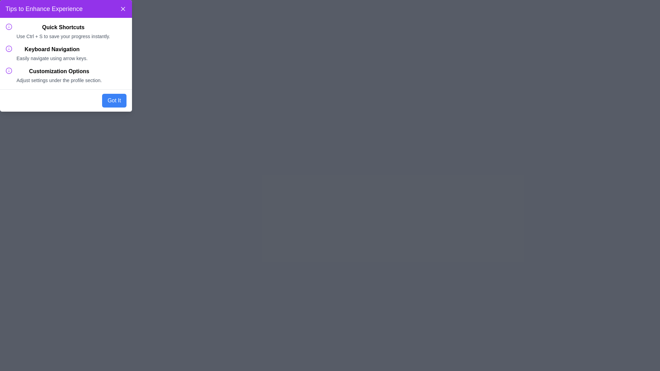 The width and height of the screenshot is (660, 371). What do you see at coordinates (63, 32) in the screenshot?
I see `the informational text block that introduces the user to a specific keyboard shortcut, located in the top-left corner of the dialog modal, preceded by a purple icon` at bounding box center [63, 32].